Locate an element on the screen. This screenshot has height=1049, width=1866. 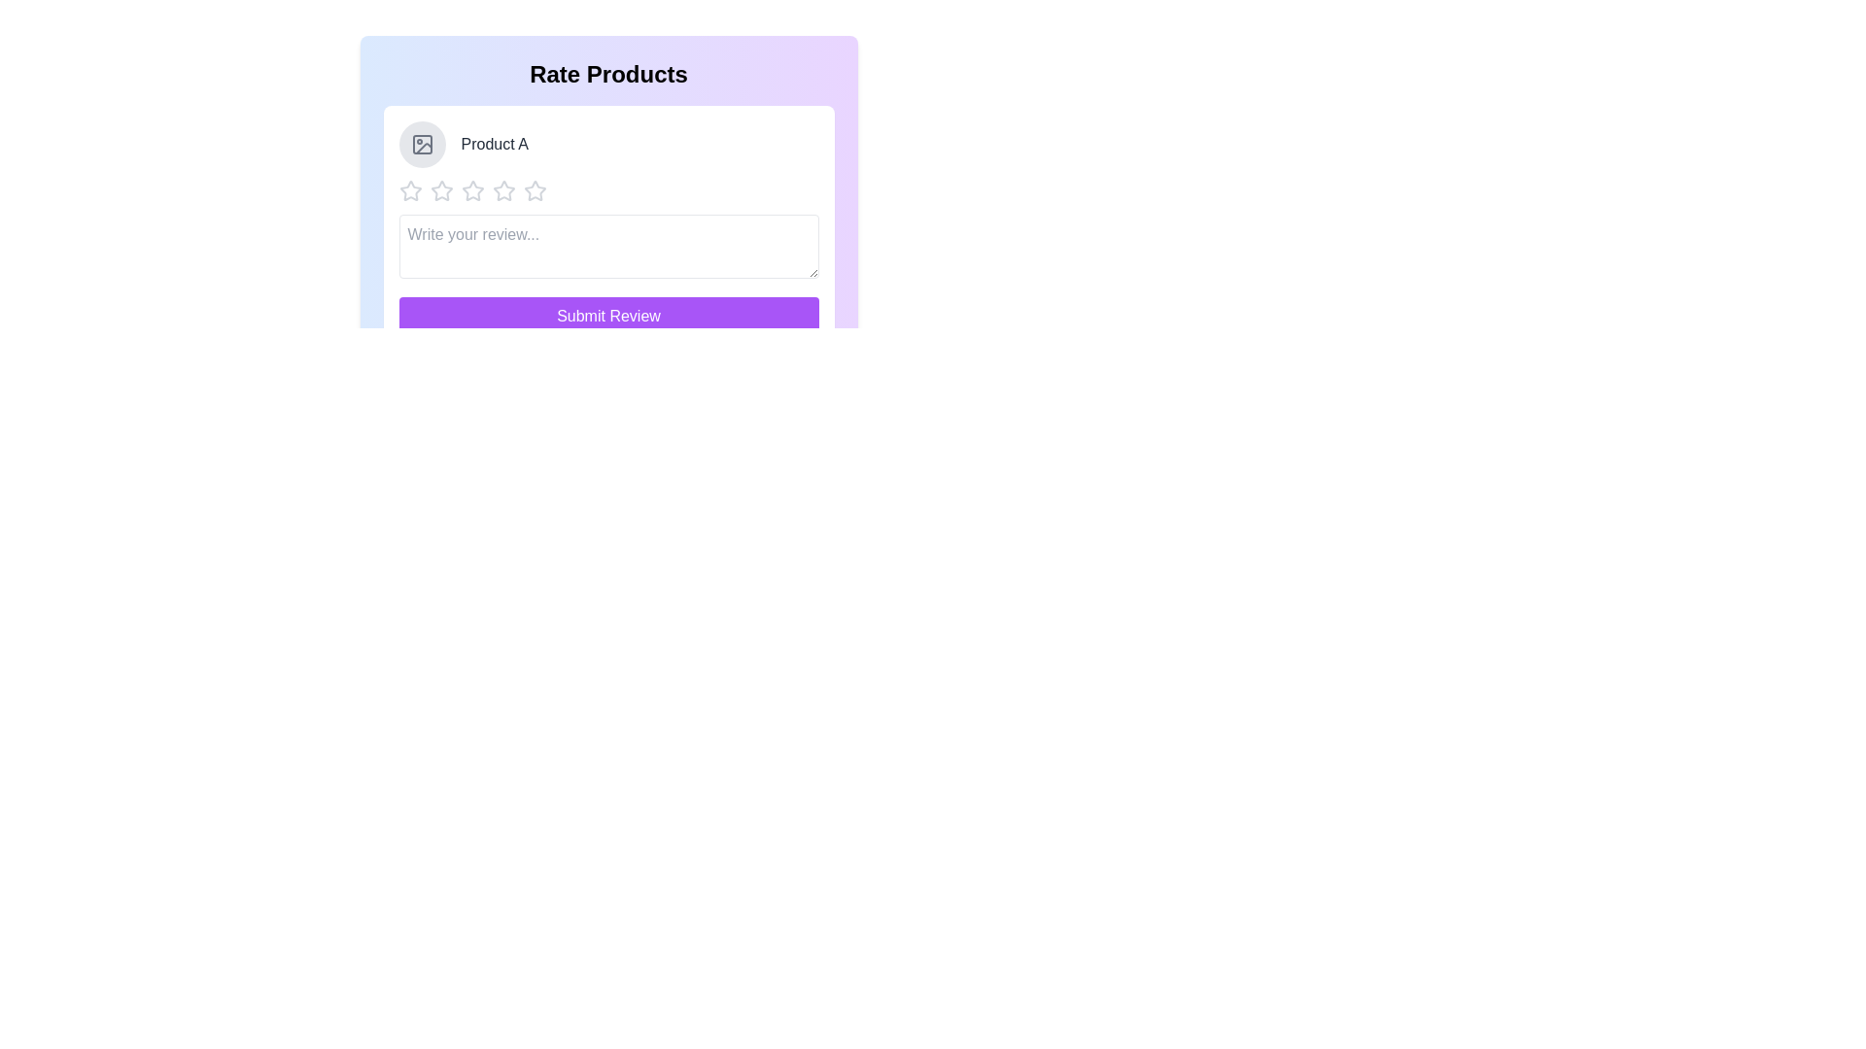
the star corresponding to the desired rating 1 is located at coordinates (409, 190).